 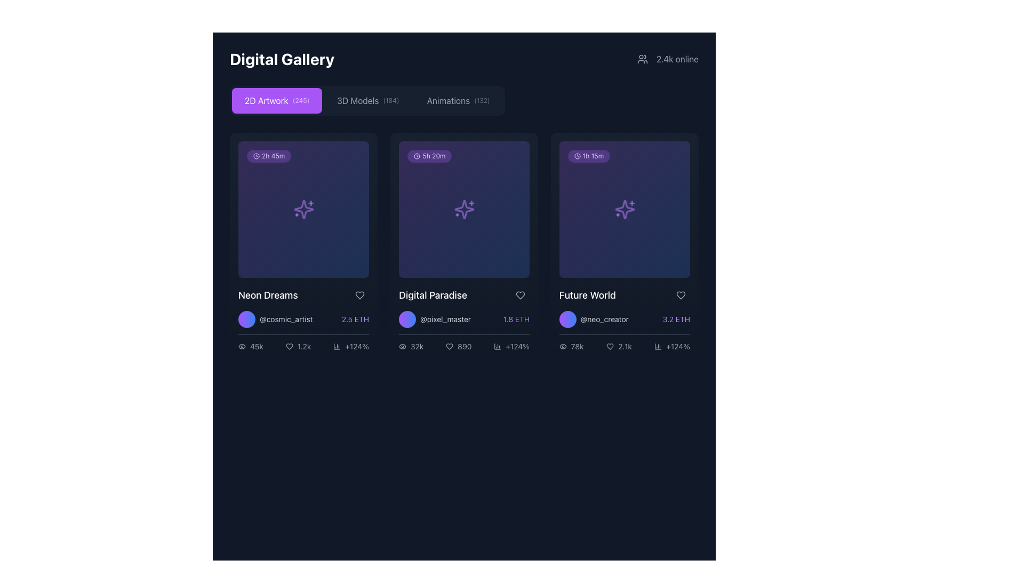 I want to click on the decorative branding icon within the 'Digital Paradise' card, which is centered below the time badge ('5h 20m'), so click(x=464, y=210).